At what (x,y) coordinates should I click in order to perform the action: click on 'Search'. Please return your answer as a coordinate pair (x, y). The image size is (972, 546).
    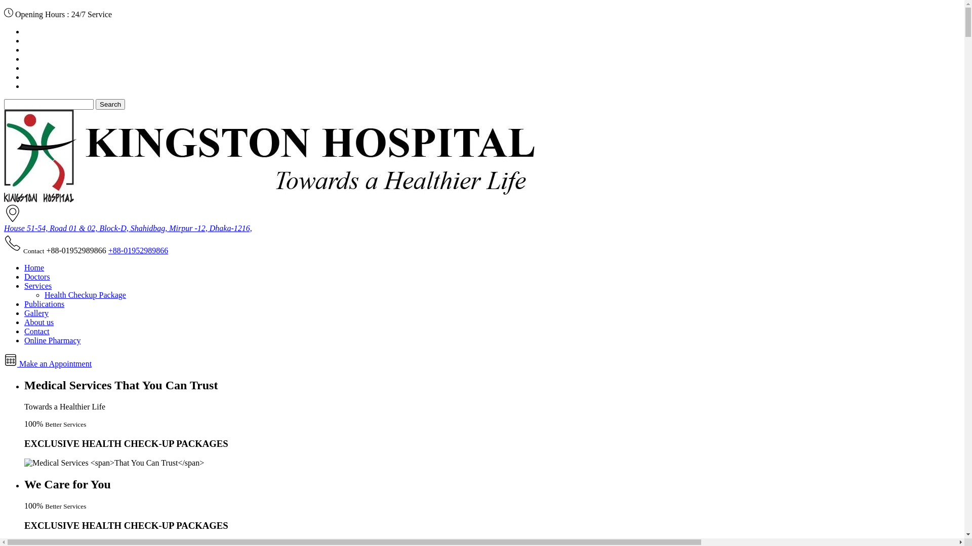
    Looking at the image, I should click on (110, 104).